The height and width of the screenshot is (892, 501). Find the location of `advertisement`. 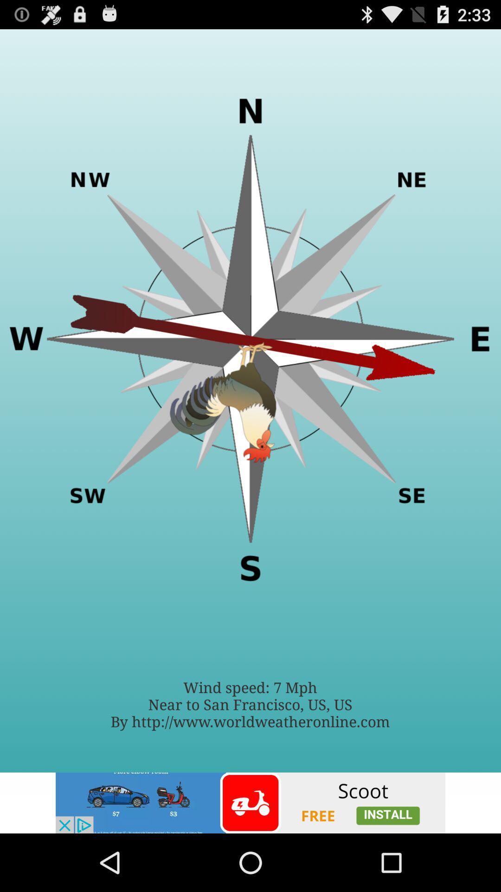

advertisement is located at coordinates (250, 802).